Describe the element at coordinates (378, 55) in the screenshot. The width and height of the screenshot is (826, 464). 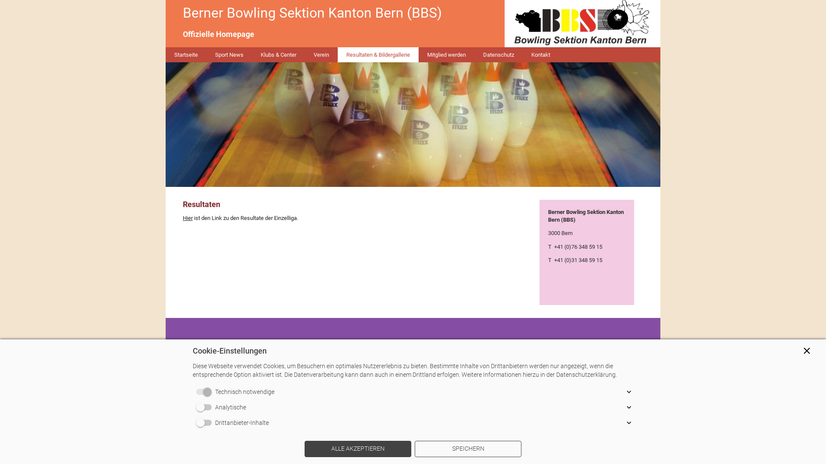
I see `'Resultaten & Bildergallerie'` at that location.